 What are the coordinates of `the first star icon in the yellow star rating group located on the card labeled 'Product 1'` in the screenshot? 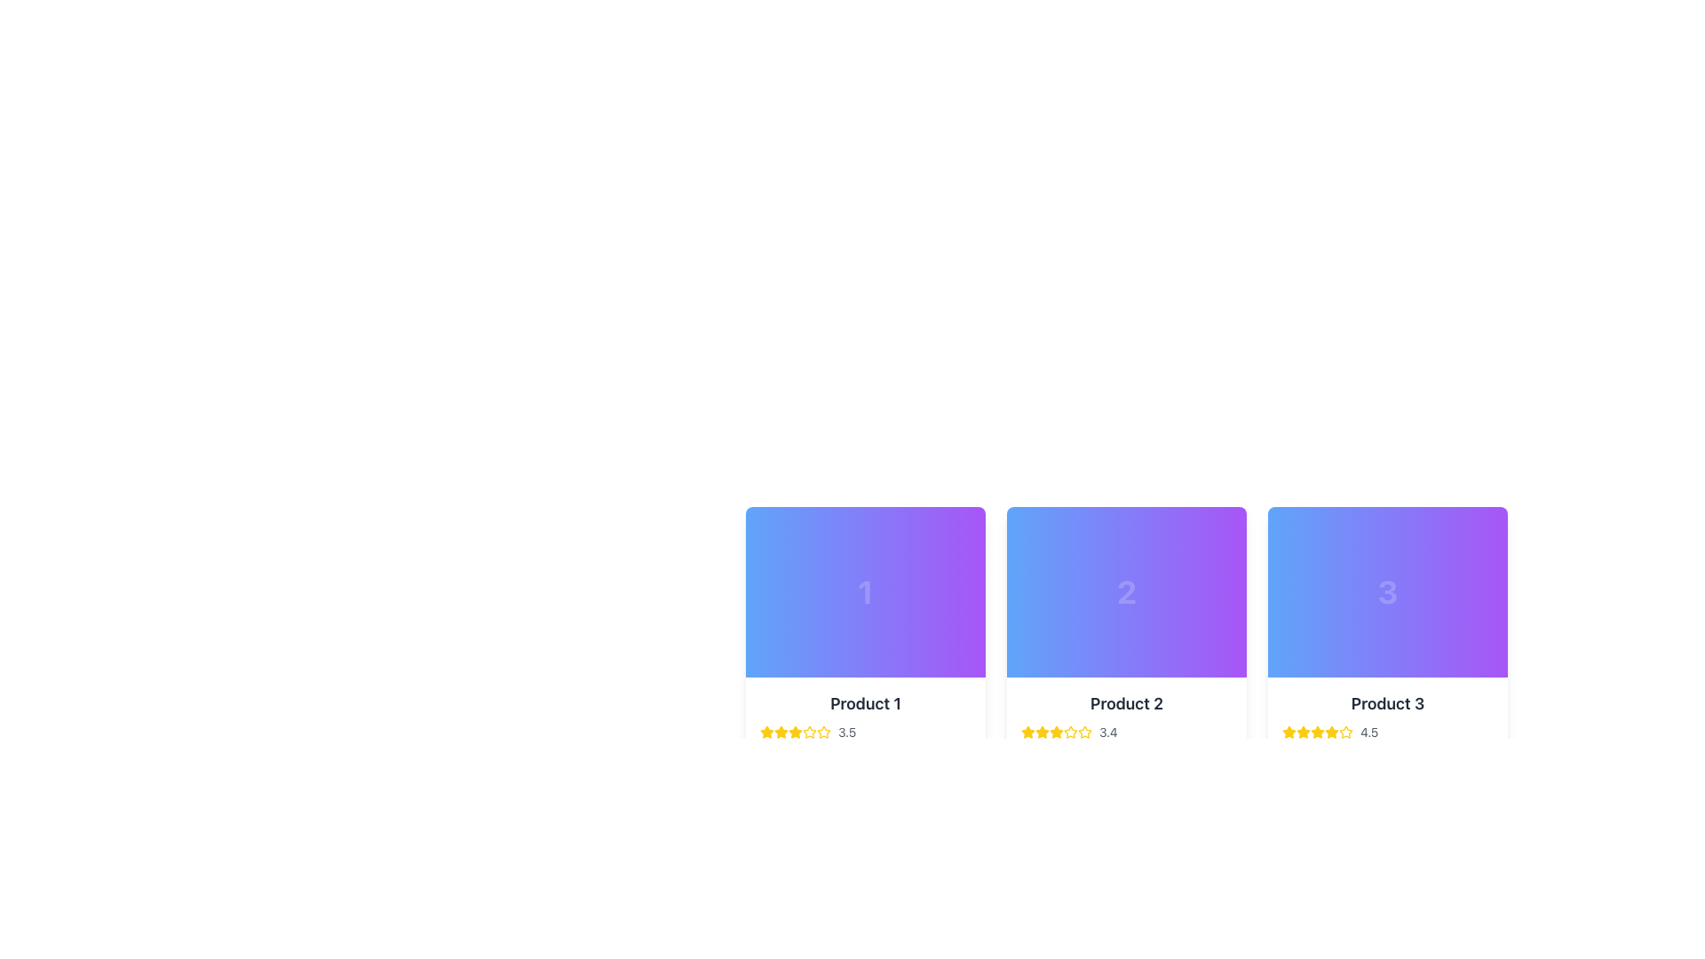 It's located at (767, 733).